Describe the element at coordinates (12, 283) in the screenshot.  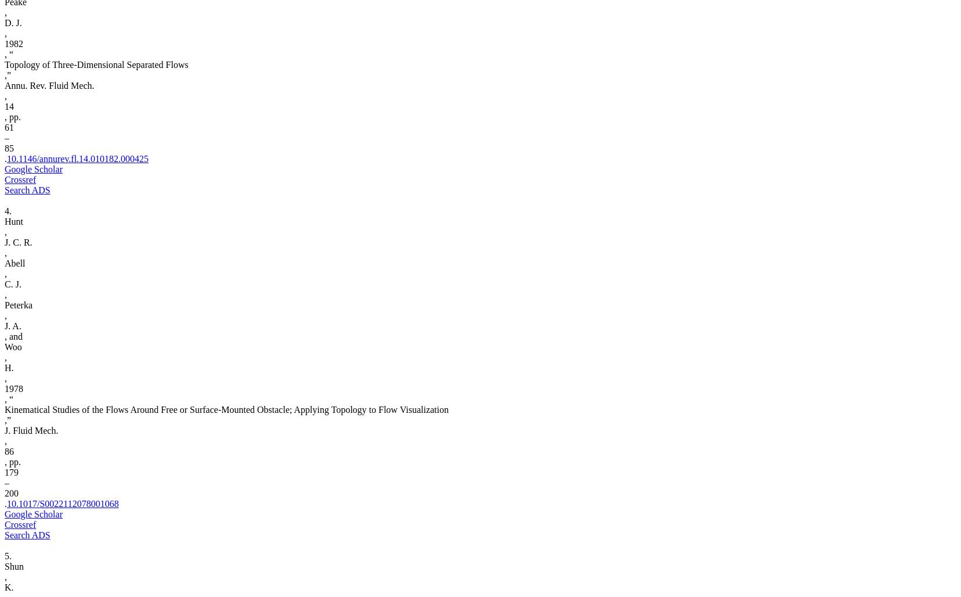
I see `'C. J.'` at that location.